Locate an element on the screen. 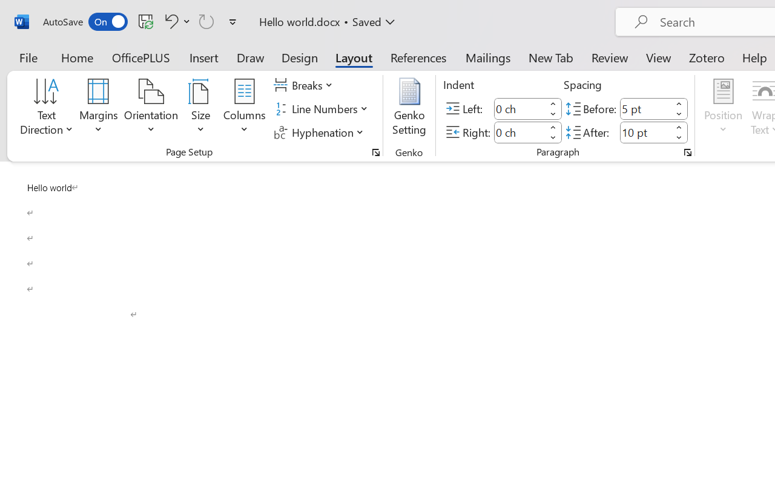  'Draw' is located at coordinates (250, 57).